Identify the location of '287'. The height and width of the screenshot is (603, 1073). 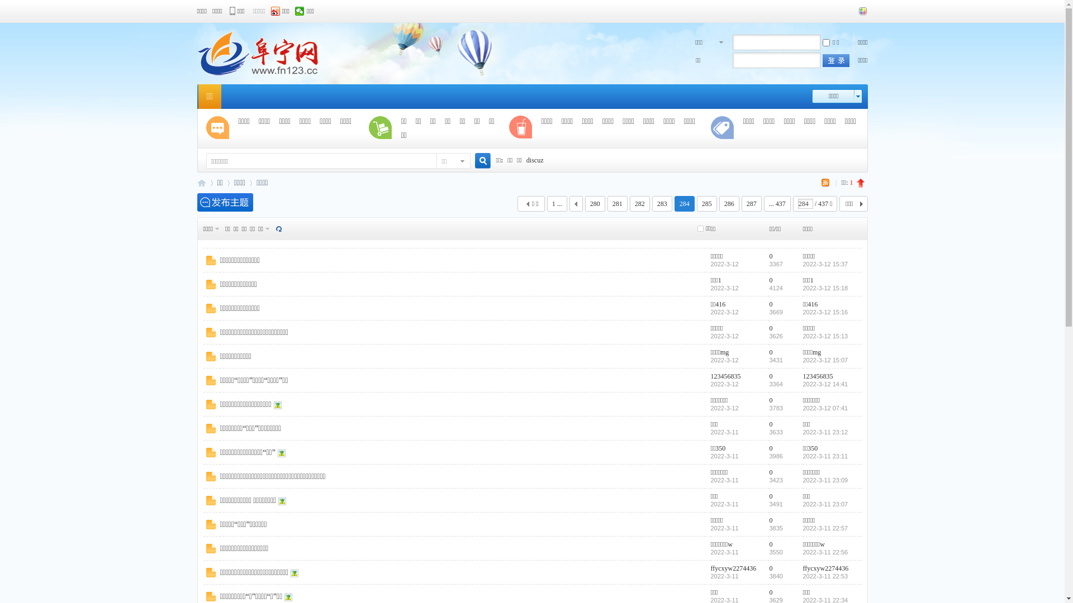
(751, 204).